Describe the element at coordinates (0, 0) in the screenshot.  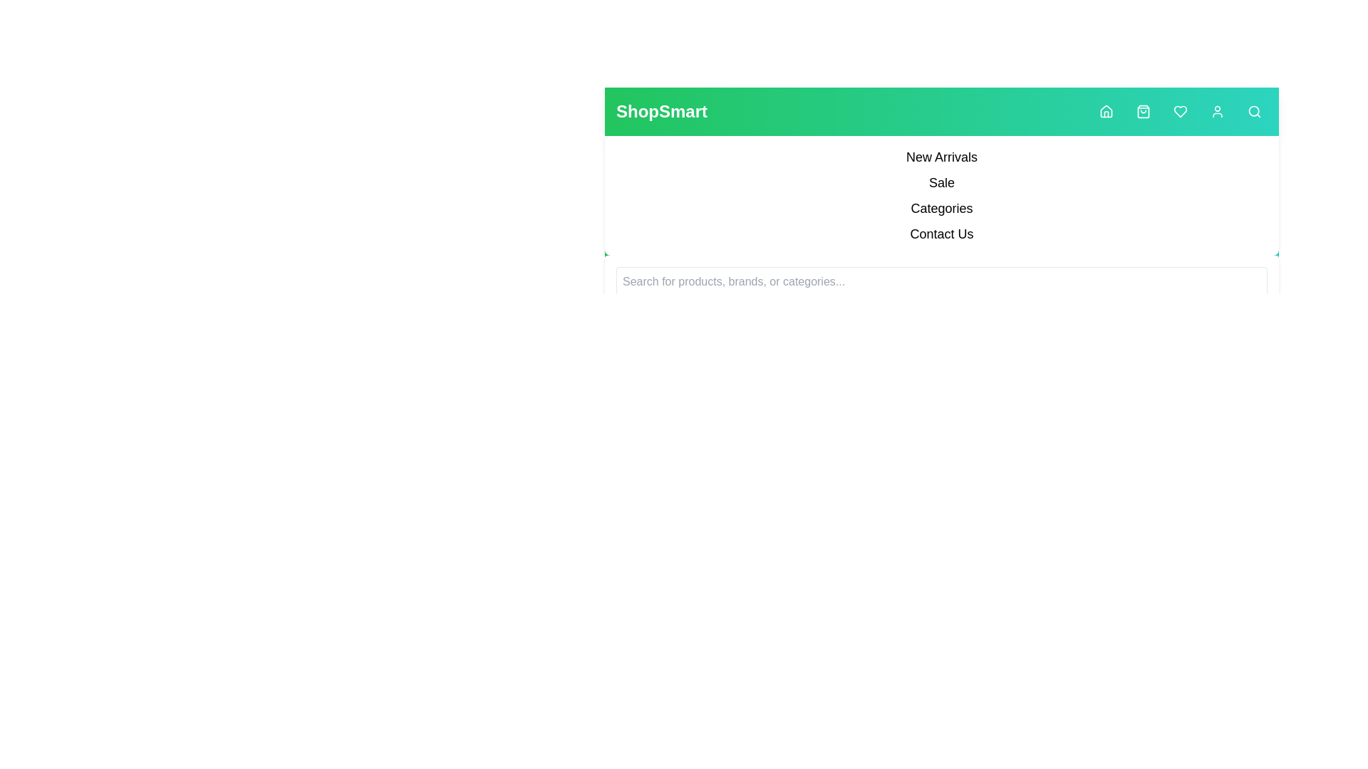
I see `the menu toggle button to expand or collapse the menu` at that location.